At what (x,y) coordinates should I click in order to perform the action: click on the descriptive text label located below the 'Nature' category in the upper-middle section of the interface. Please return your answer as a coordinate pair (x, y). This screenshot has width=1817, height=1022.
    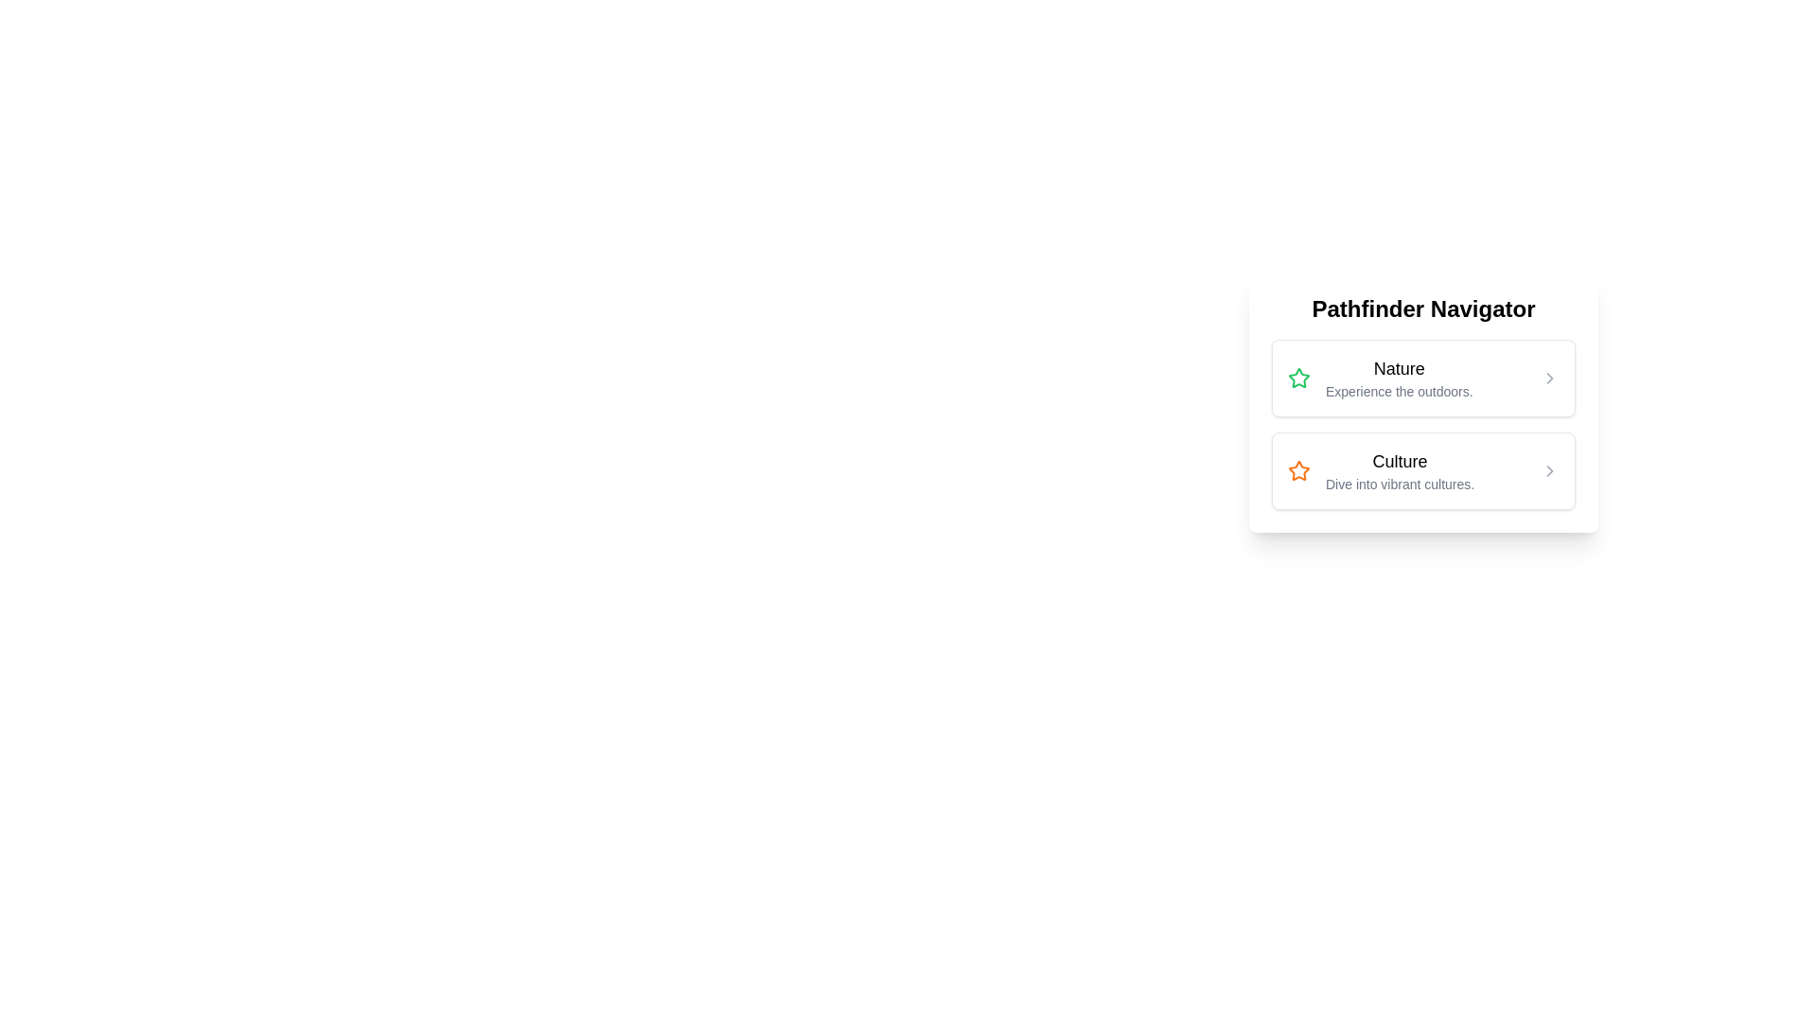
    Looking at the image, I should click on (1399, 390).